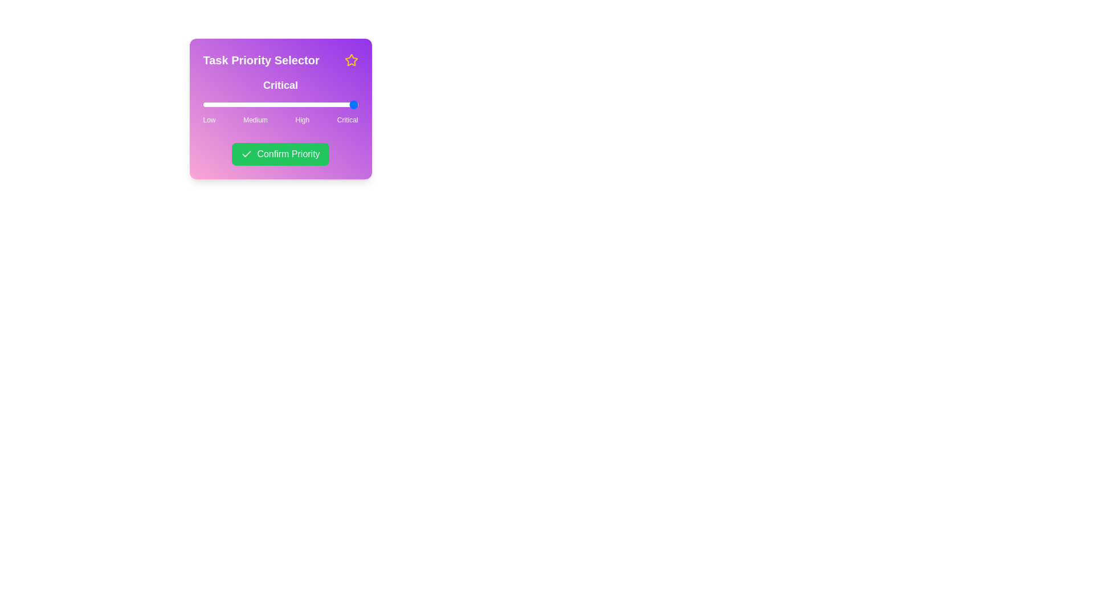 The height and width of the screenshot is (615, 1094). Describe the element at coordinates (246, 154) in the screenshot. I see `the checkmark icon within the 'Confirm Priority' button, which is styled with thin lines and is part of a green button` at that location.